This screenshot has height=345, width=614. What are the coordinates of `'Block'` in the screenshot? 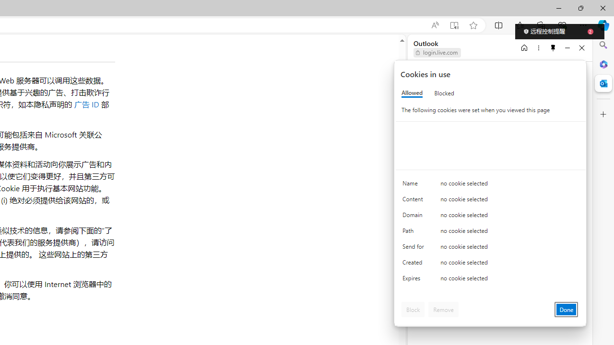 It's located at (413, 309).